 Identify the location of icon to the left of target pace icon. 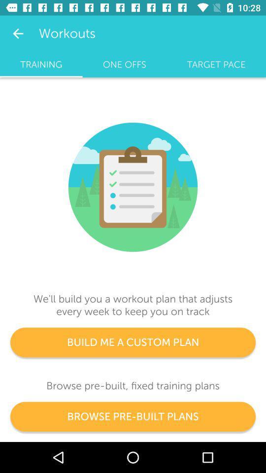
(124, 64).